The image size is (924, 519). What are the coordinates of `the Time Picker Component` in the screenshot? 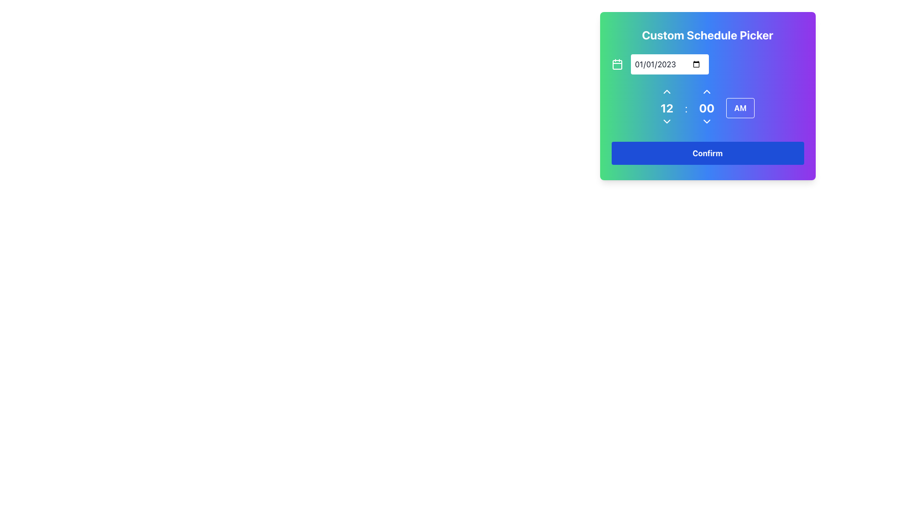 It's located at (707, 108).